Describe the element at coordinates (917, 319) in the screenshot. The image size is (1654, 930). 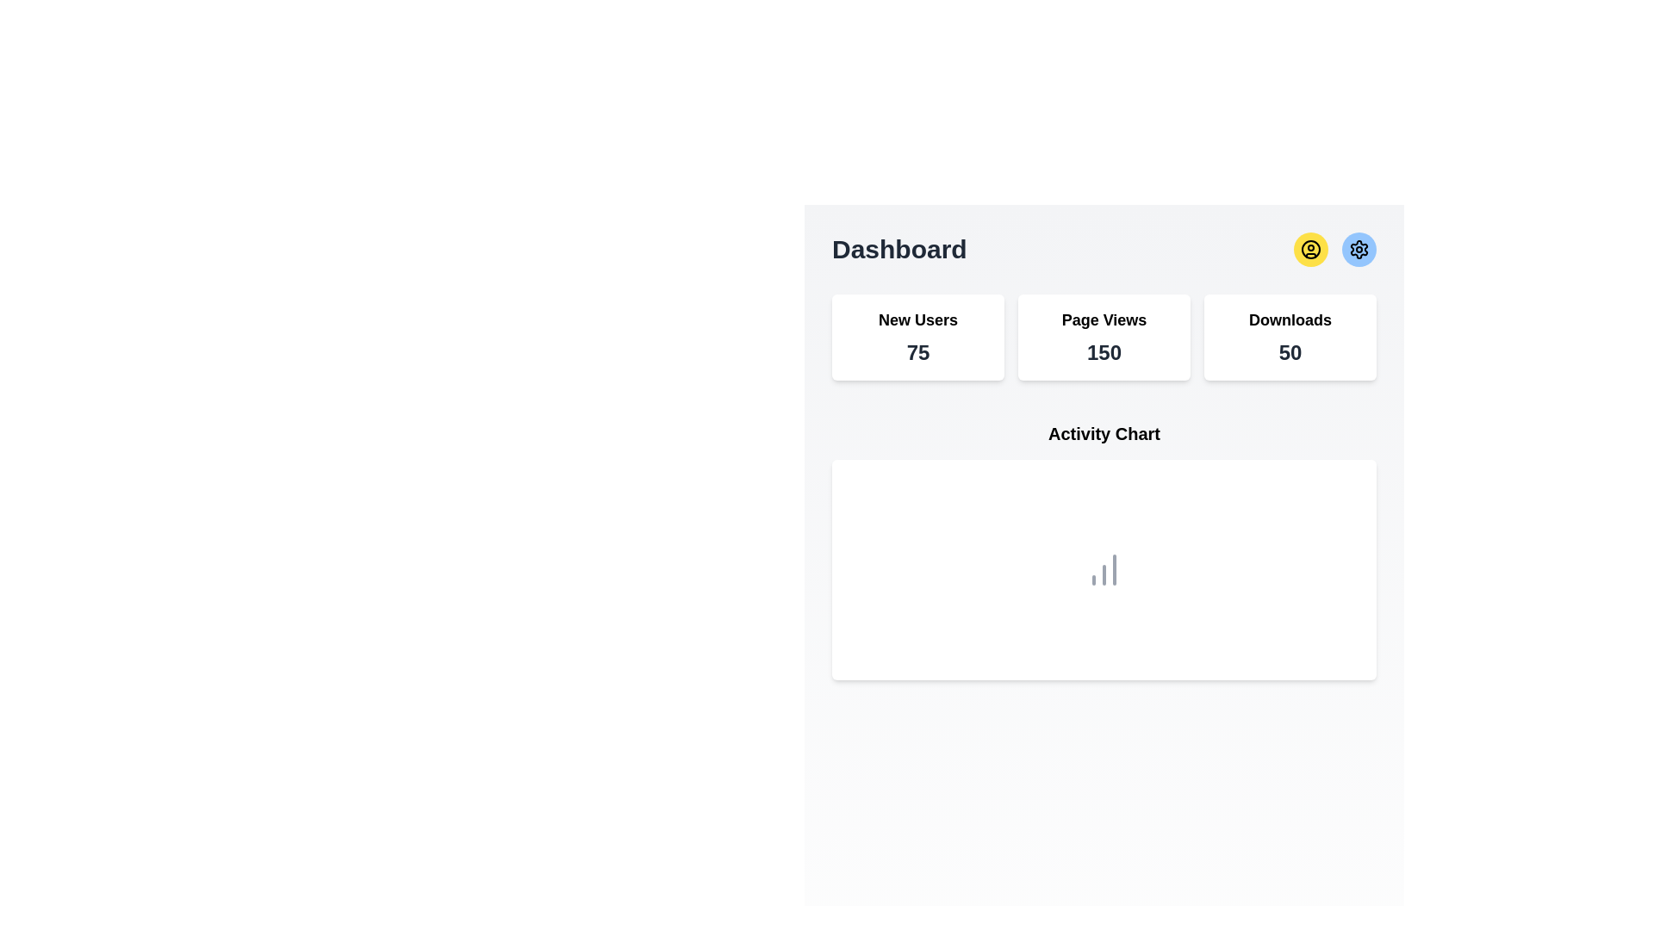
I see `the Text Label that describes the number of new users in the dashboard card, located at the top portion of the card` at that location.